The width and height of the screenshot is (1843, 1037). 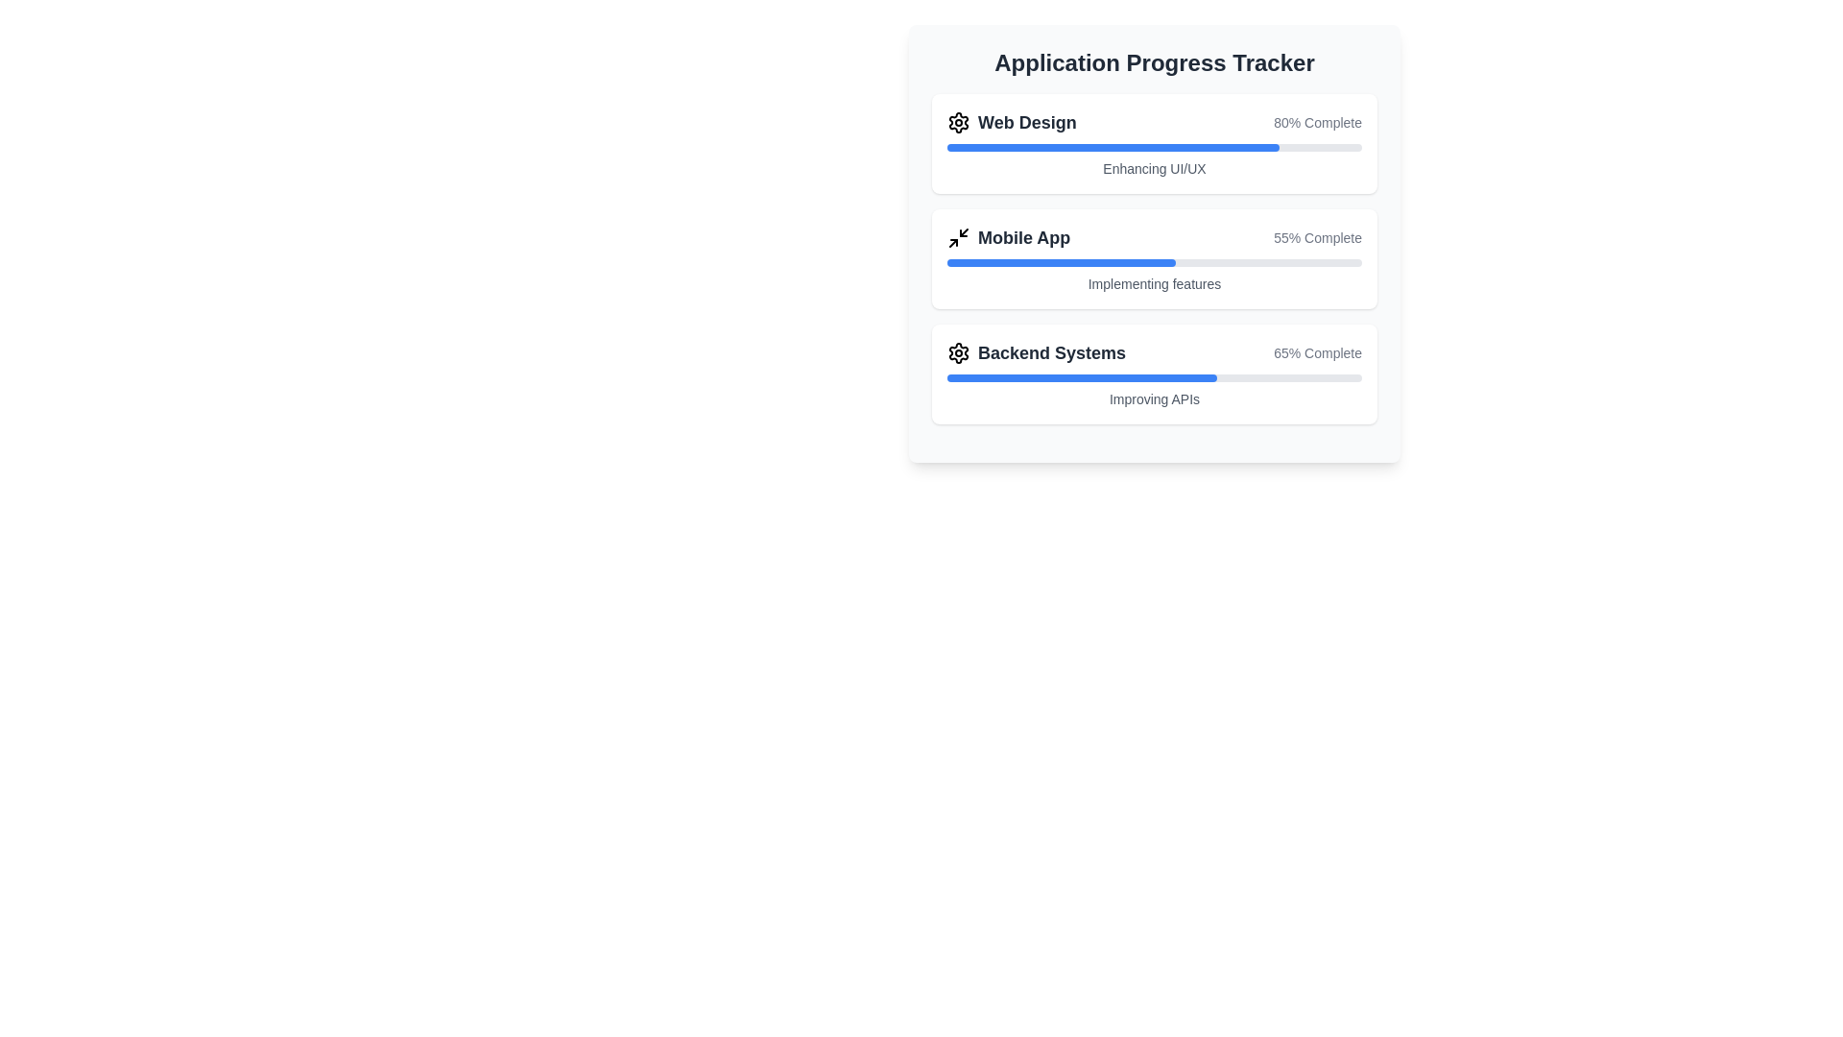 What do you see at coordinates (1154, 147) in the screenshot?
I see `the horizontal progress bar element located beneath the 'Web Design' header, which indicates '80% Complete' and above the 'Enhancing UI/UX' label` at bounding box center [1154, 147].